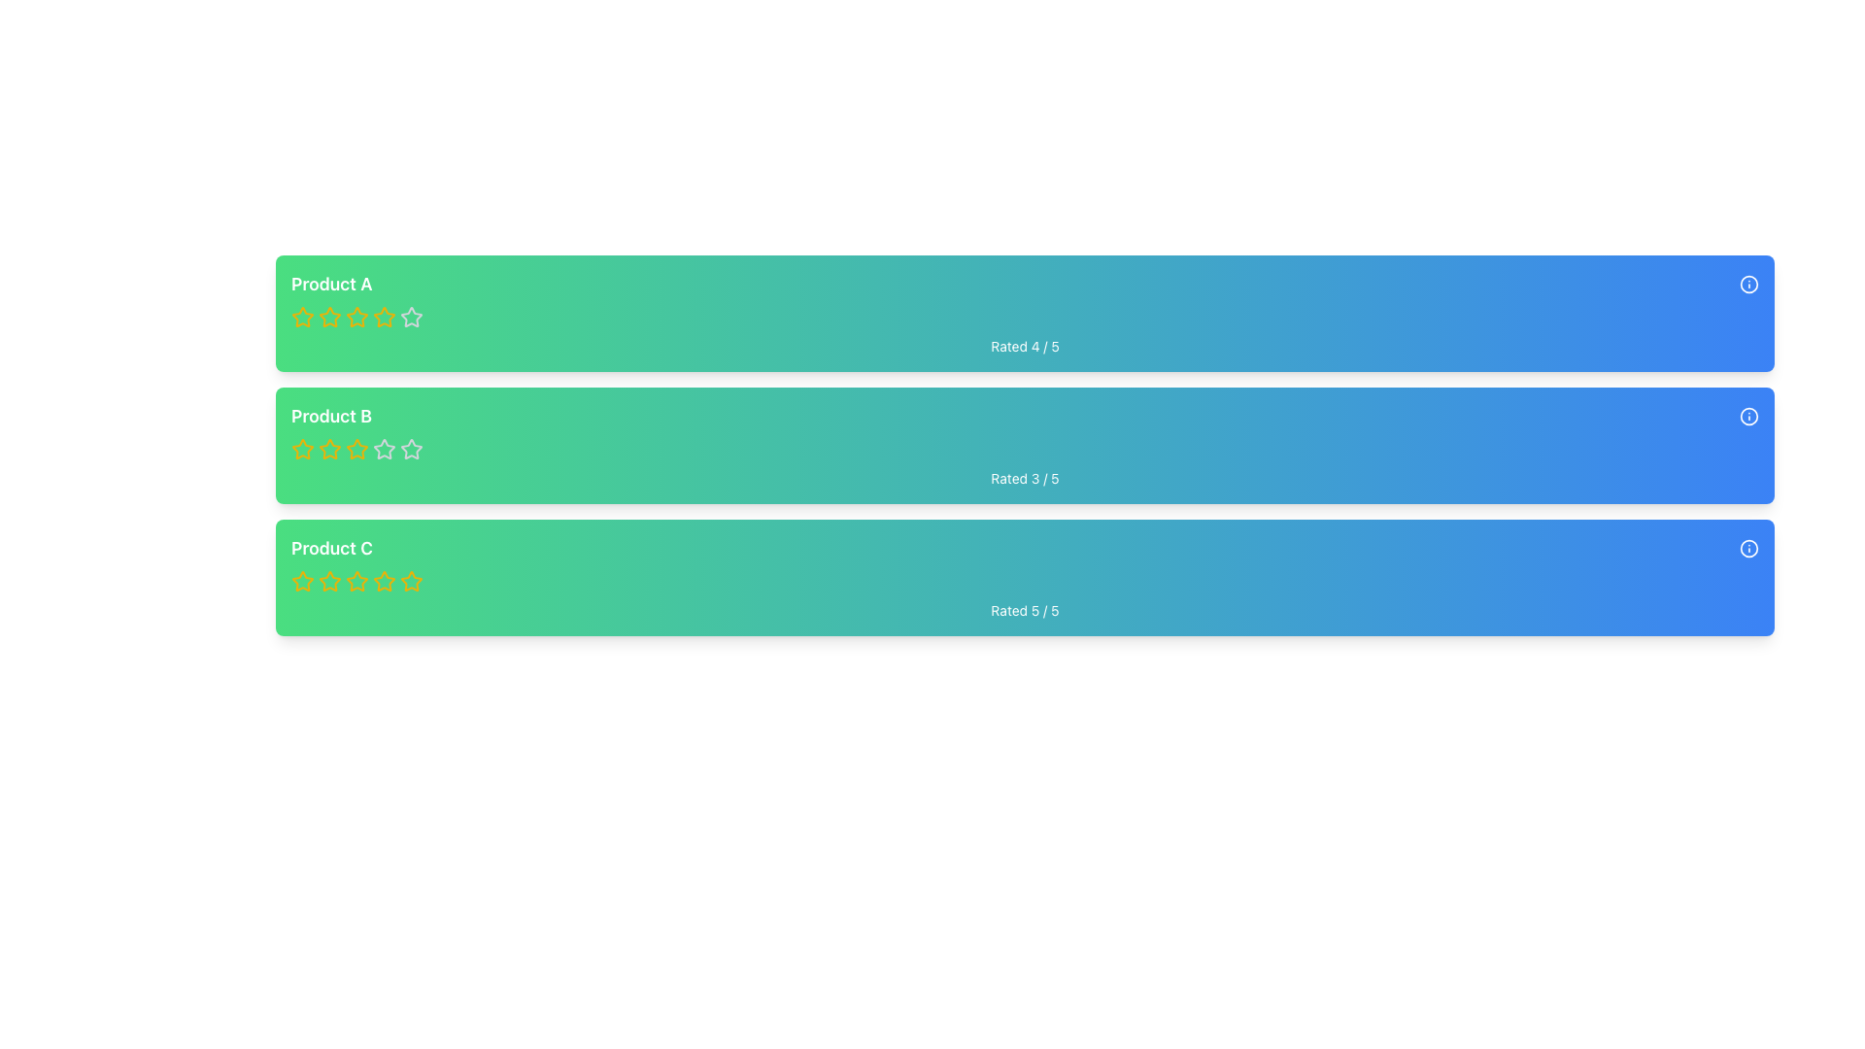  Describe the element at coordinates (384, 580) in the screenshot. I see `the sixth yellow outlined star icon in the horizontal group of rating stars below the 'Product C' label to trigger visual feedback` at that location.